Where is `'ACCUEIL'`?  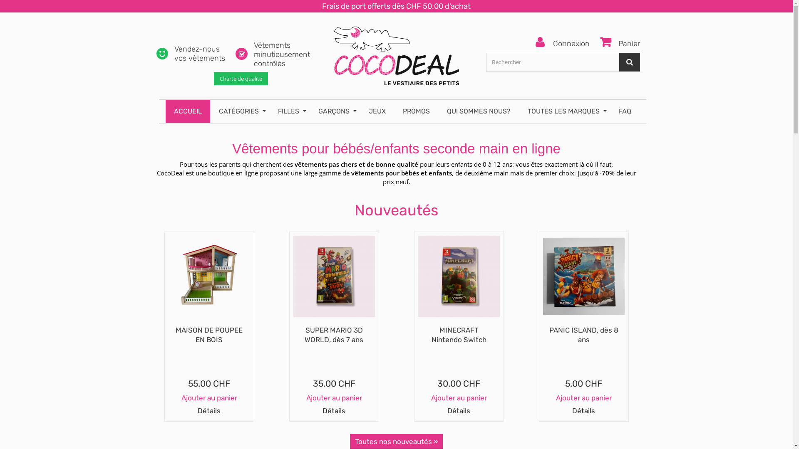
'ACCUEIL' is located at coordinates (187, 111).